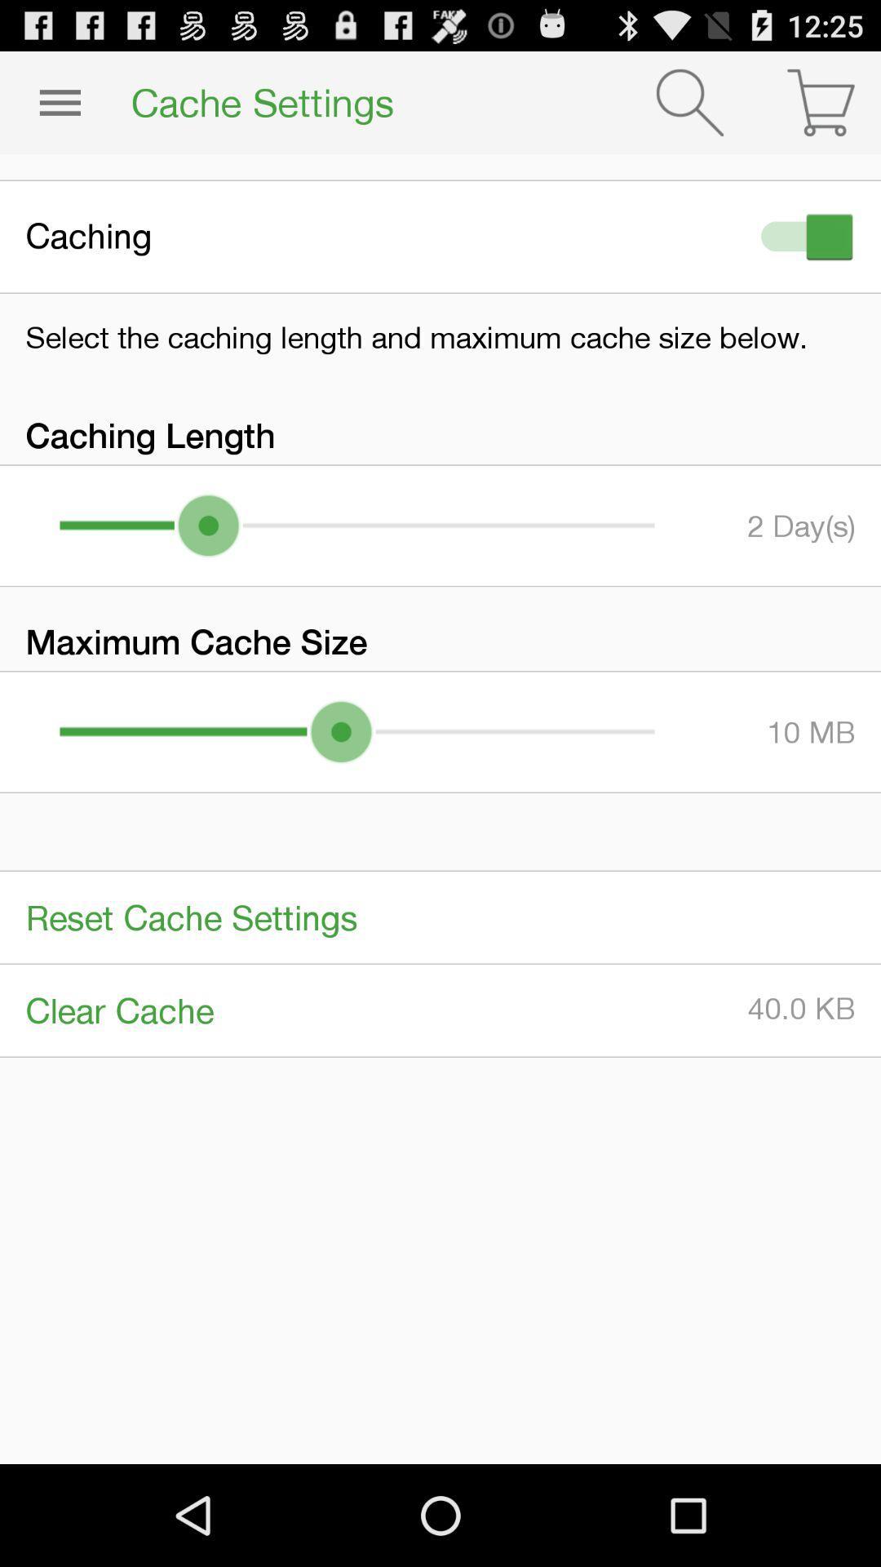 Image resolution: width=881 pixels, height=1567 pixels. Describe the element at coordinates (803, 236) in the screenshot. I see `on off toggle switch` at that location.